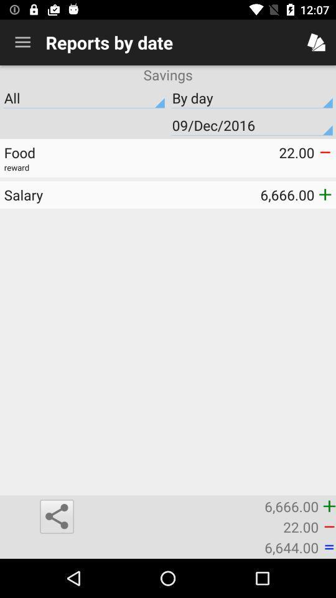  I want to click on icon below savings item, so click(84, 97).